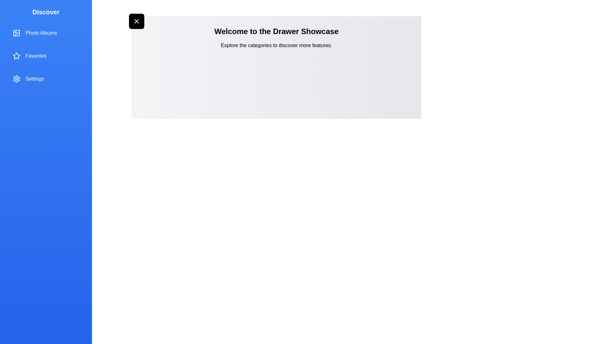 The height and width of the screenshot is (344, 613). I want to click on the drawer item labeled 'Favorites' to select it, so click(46, 56).